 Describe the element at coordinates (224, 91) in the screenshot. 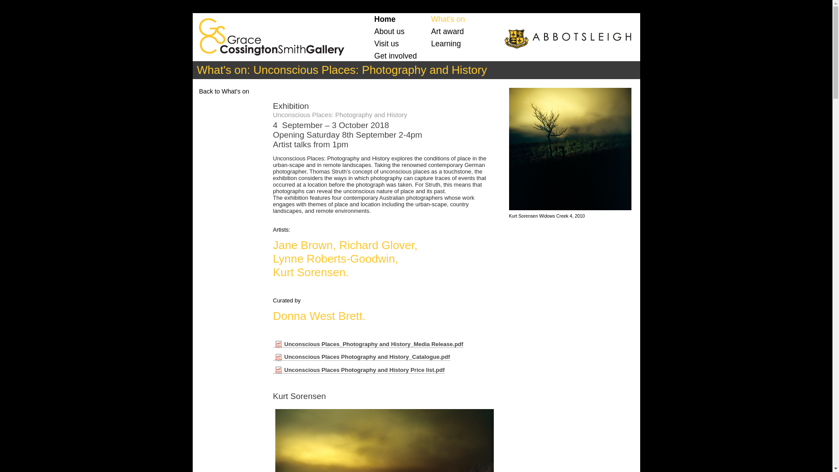

I see `'Back to What's on'` at that location.